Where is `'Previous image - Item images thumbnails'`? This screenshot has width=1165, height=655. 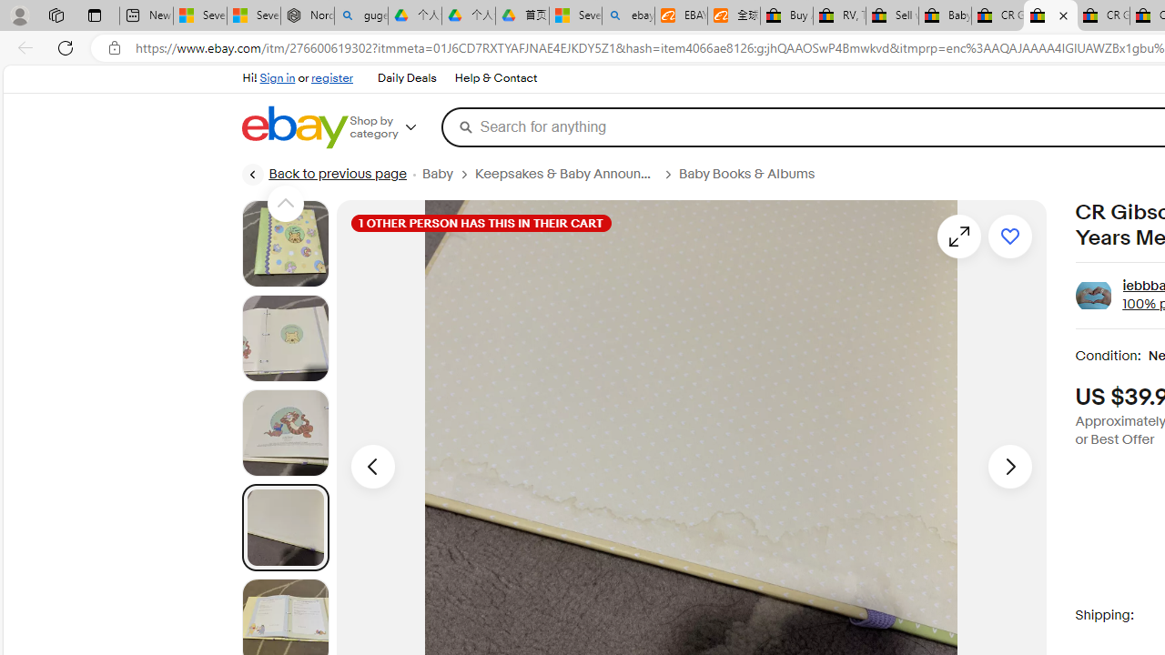 'Previous image - Item images thumbnails' is located at coordinates (371, 465).